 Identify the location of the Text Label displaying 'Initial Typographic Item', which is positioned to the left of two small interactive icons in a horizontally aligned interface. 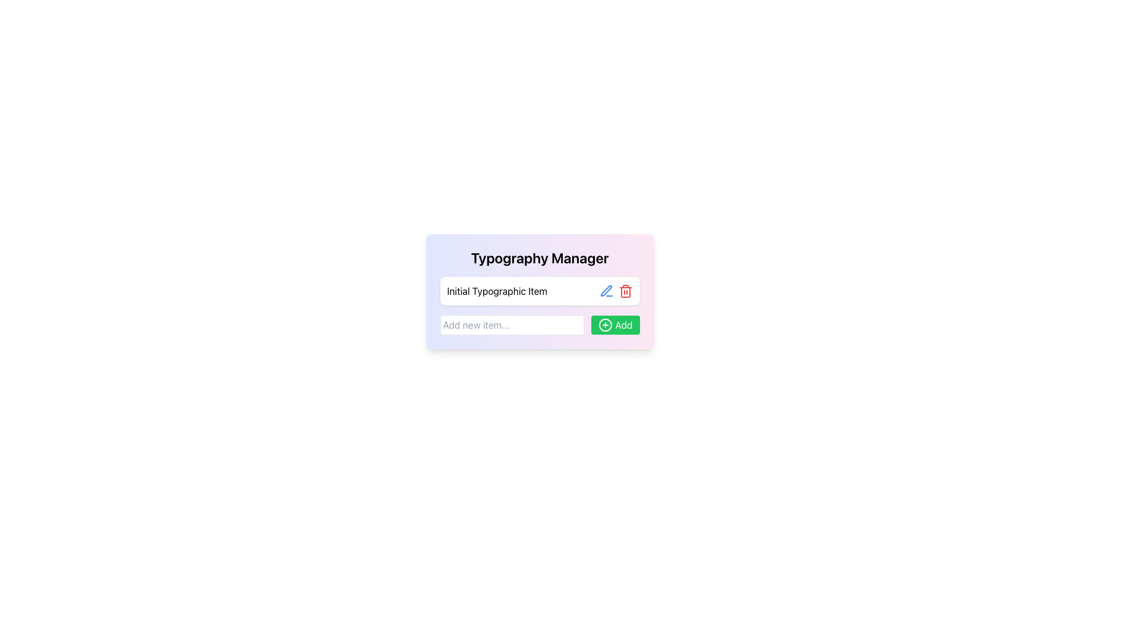
(497, 291).